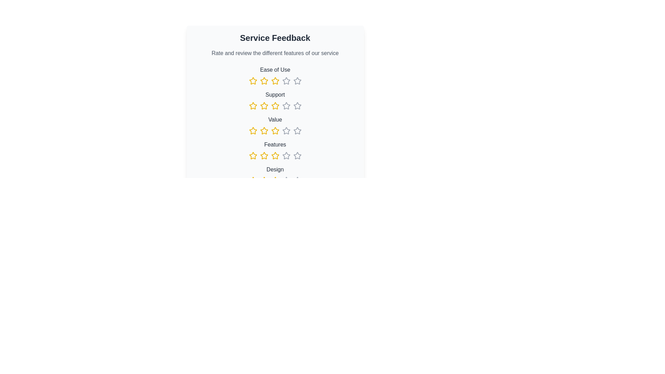  What do you see at coordinates (275, 80) in the screenshot?
I see `the third star icon` at bounding box center [275, 80].